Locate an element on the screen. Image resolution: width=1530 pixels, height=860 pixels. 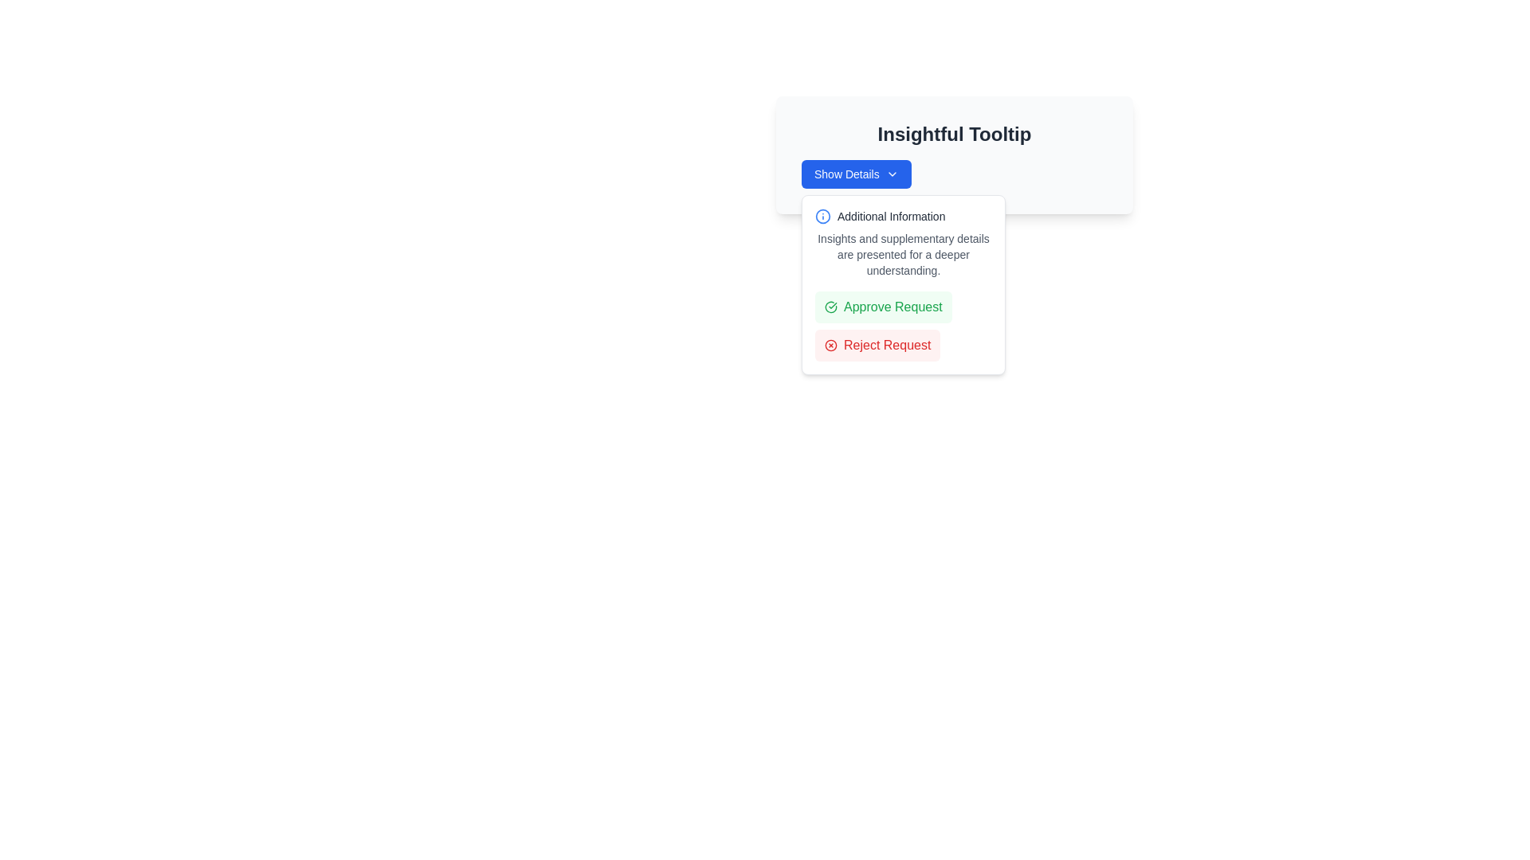
the informational panel located directly below the 'Show Details' button is located at coordinates (903, 284).